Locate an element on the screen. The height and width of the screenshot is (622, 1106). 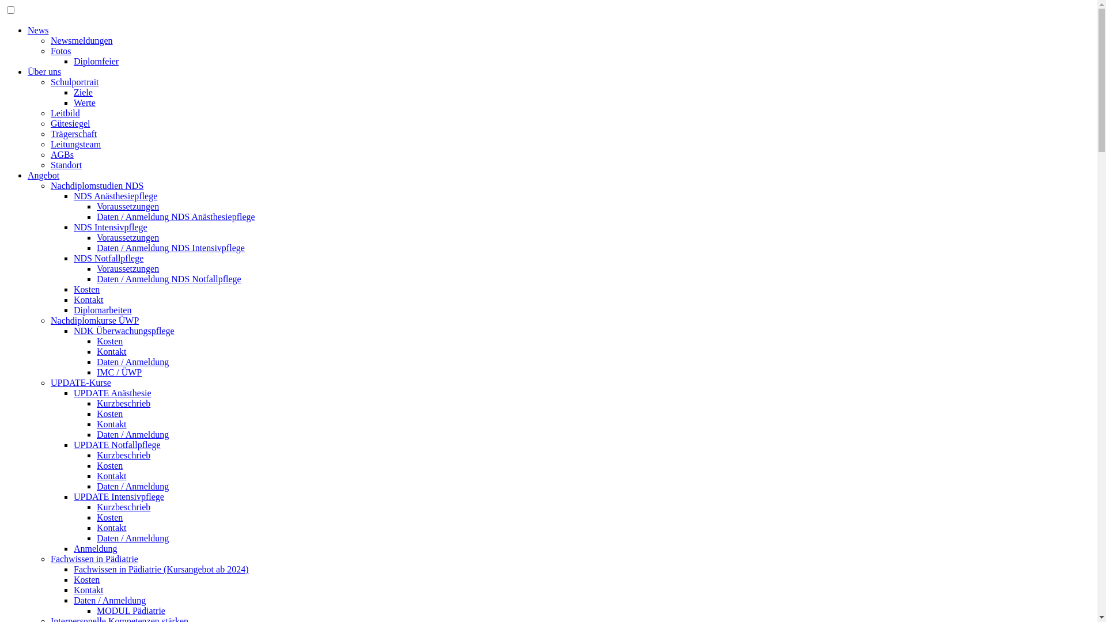
'Diplomarbeiten' is located at coordinates (73, 309).